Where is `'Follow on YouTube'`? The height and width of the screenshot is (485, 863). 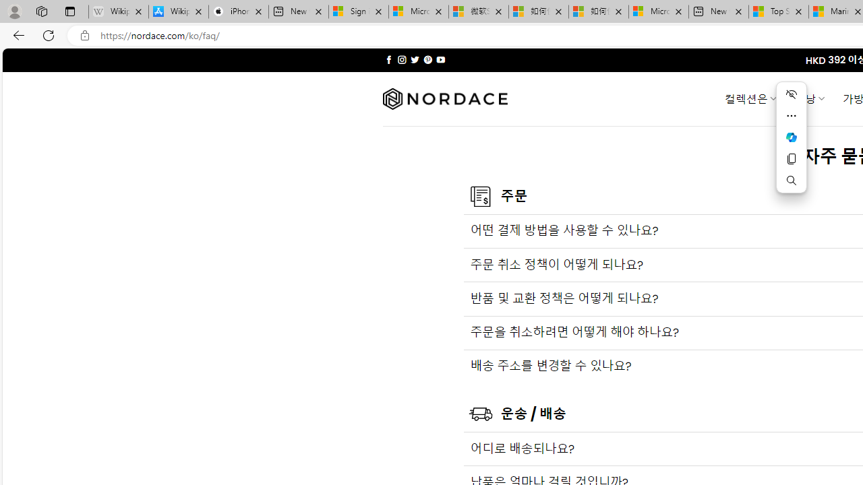 'Follow on YouTube' is located at coordinates (440, 59).